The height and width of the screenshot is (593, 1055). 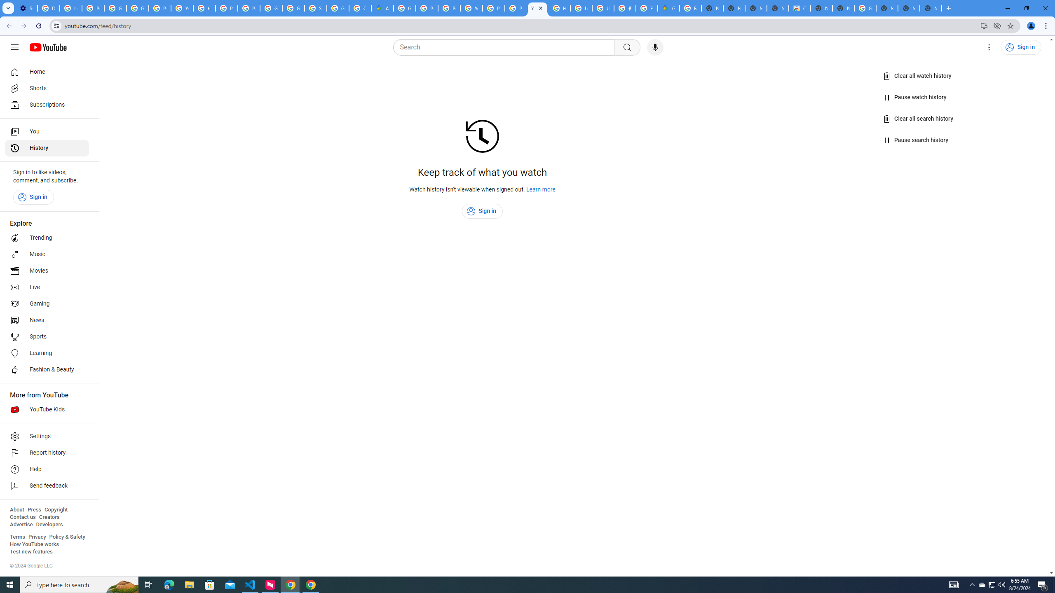 I want to click on 'How Chrome protects your passwords - Google Chrome Help', so click(x=559, y=8).